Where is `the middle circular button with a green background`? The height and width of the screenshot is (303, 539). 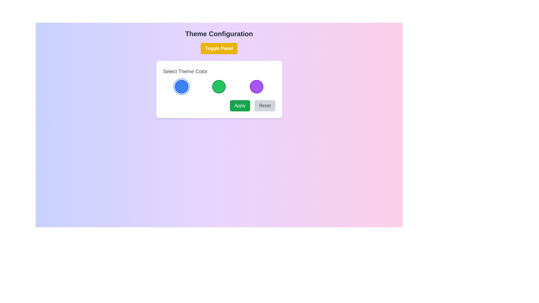 the middle circular button with a green background is located at coordinates (219, 86).